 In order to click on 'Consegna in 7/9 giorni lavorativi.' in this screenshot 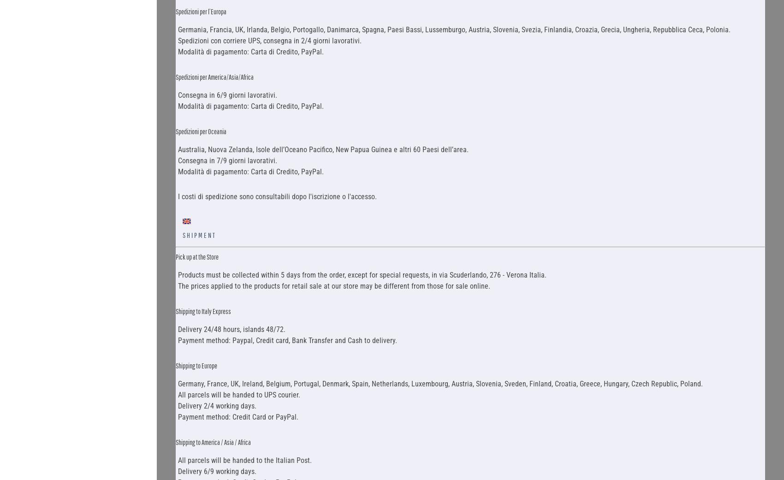, I will do `click(227, 160)`.